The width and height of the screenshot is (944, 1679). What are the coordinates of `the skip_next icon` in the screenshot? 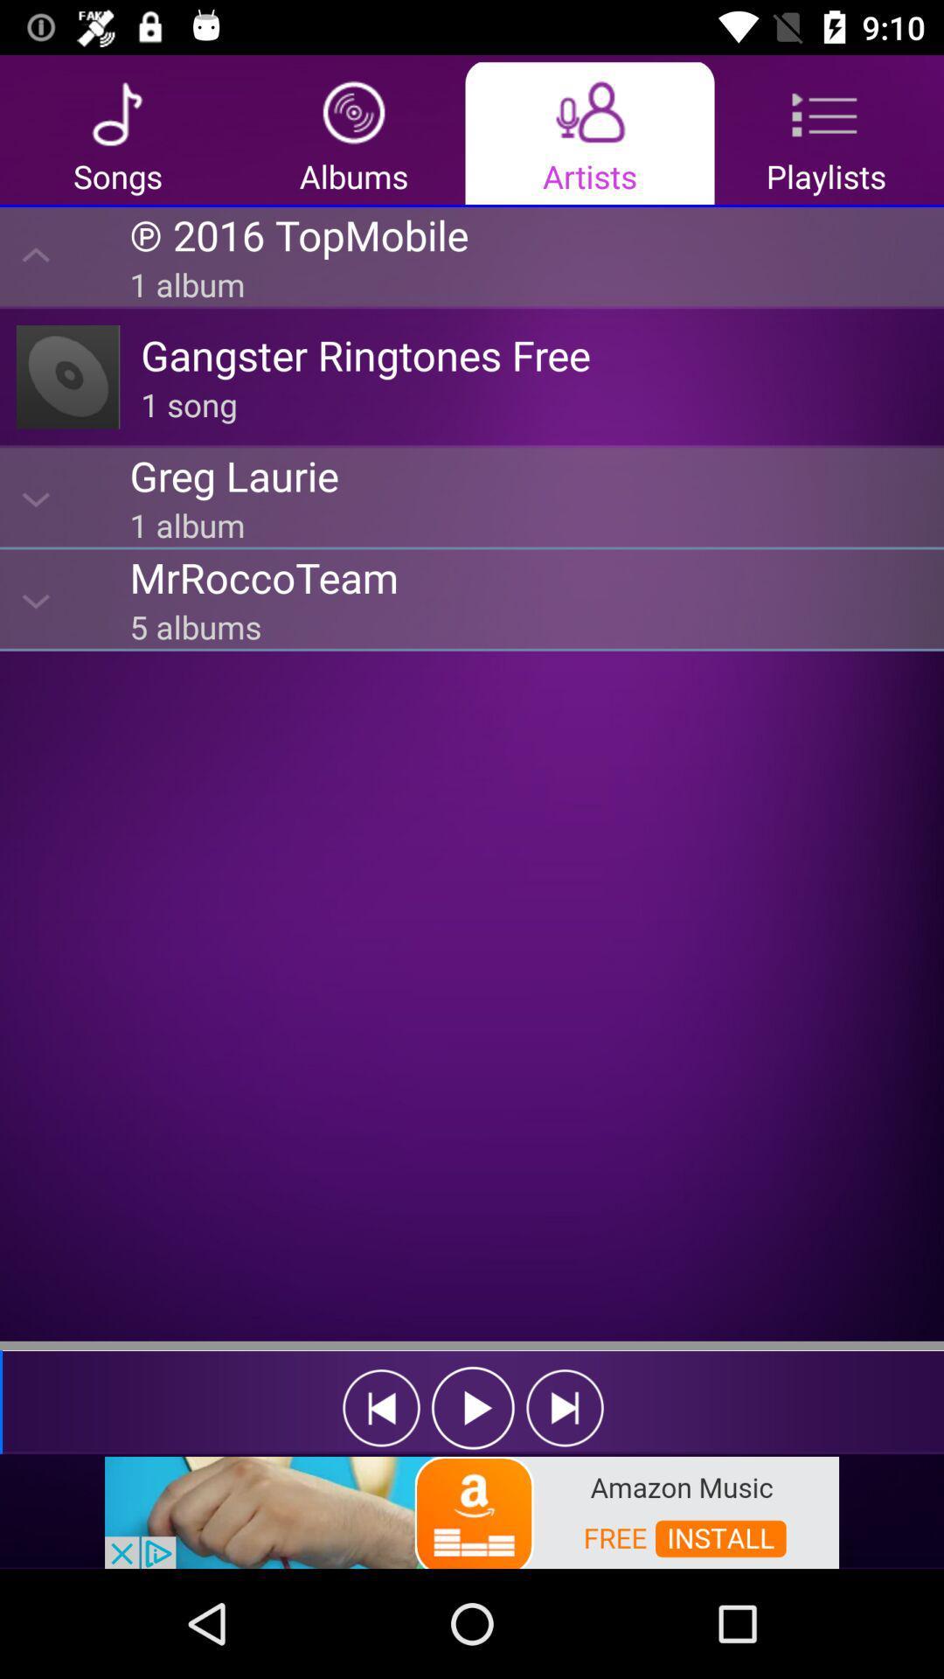 It's located at (565, 1408).